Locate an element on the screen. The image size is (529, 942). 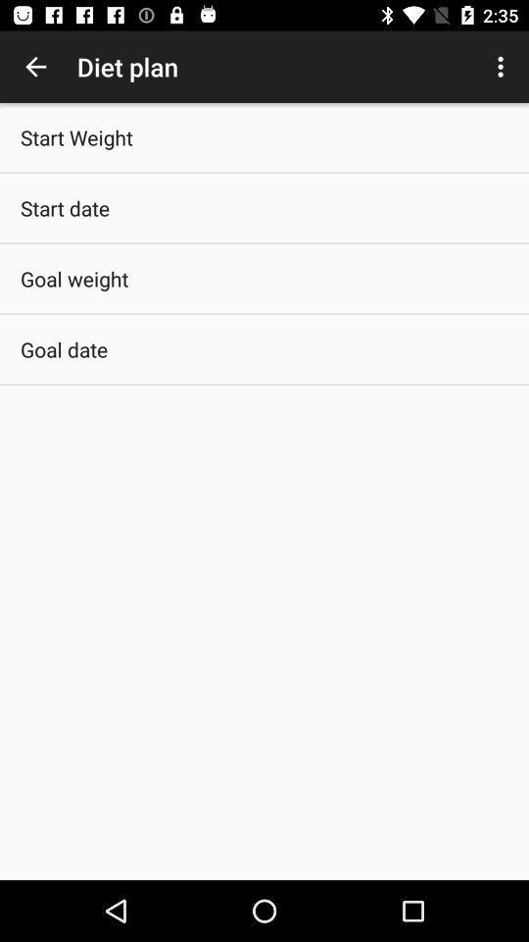
item at the top right corner is located at coordinates (503, 67).